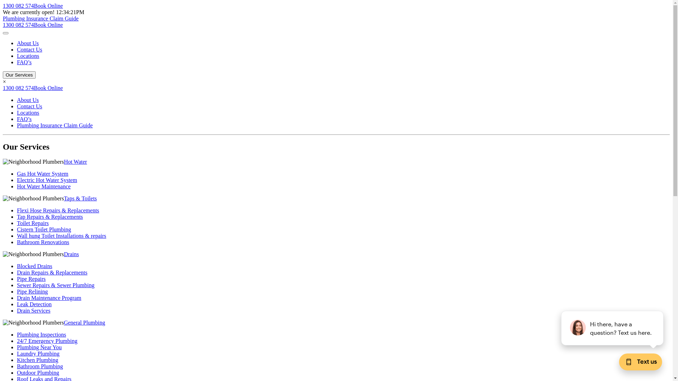  Describe the element at coordinates (17, 266) in the screenshot. I see `'Blocked Drains'` at that location.